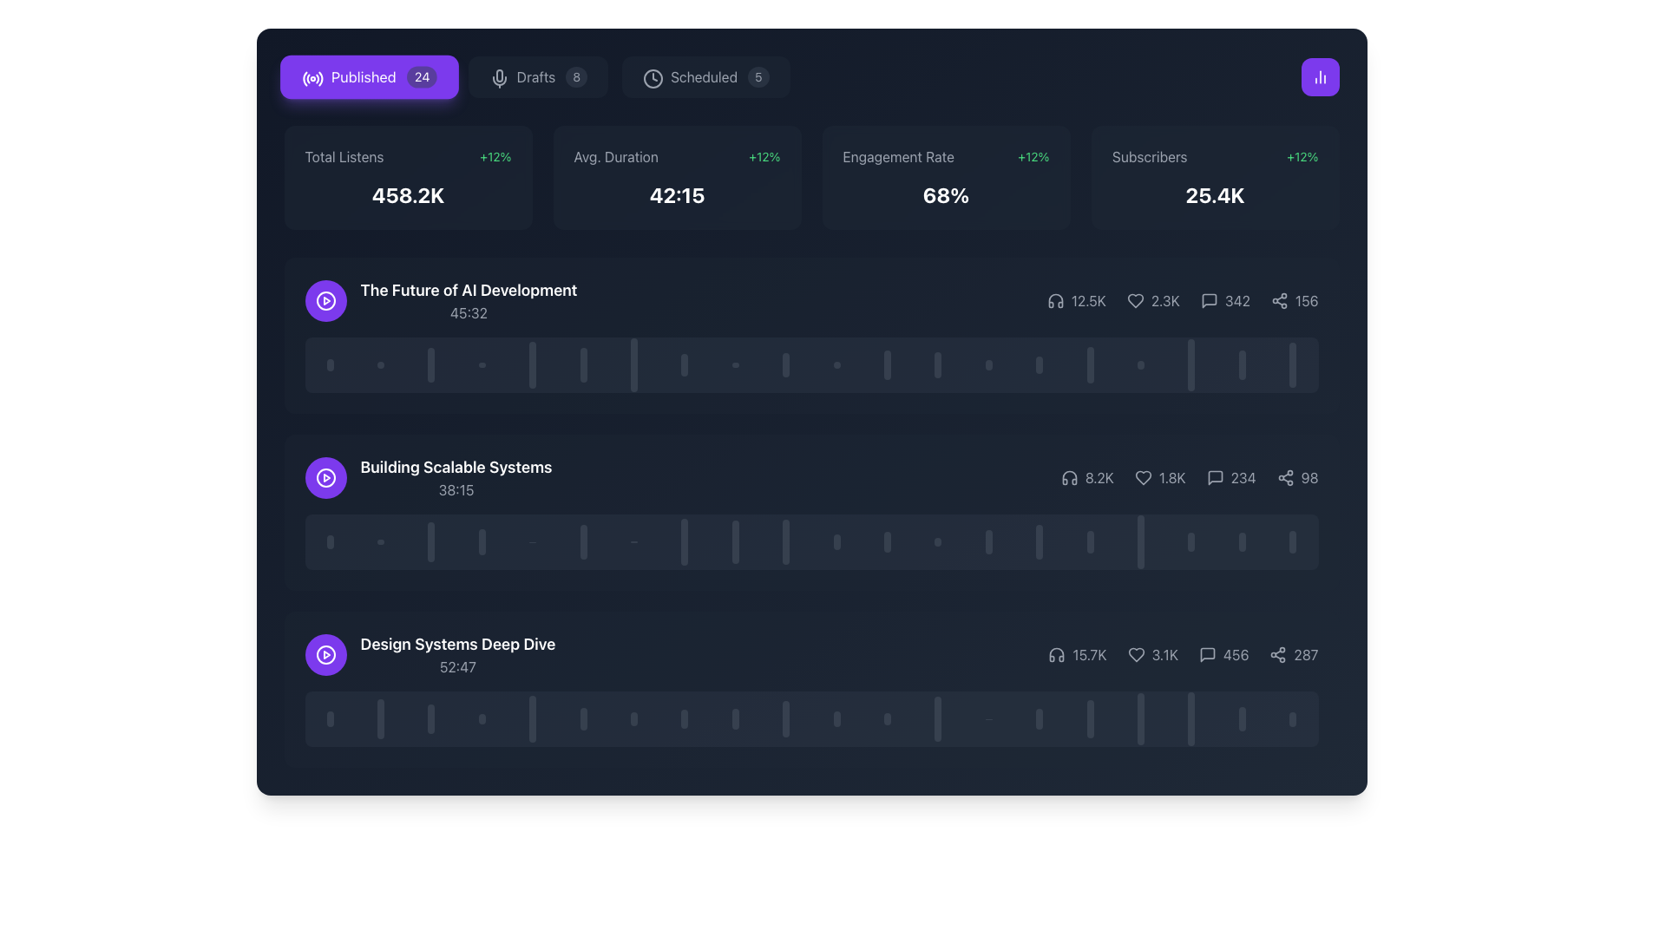 The width and height of the screenshot is (1666, 937). I want to click on the 19th vertical visual indicator bar, which is dark gray with rounded tops and bottoms, part of a collection of similar elements beneath the title 'Building Scalable Systems', so click(1241, 364).